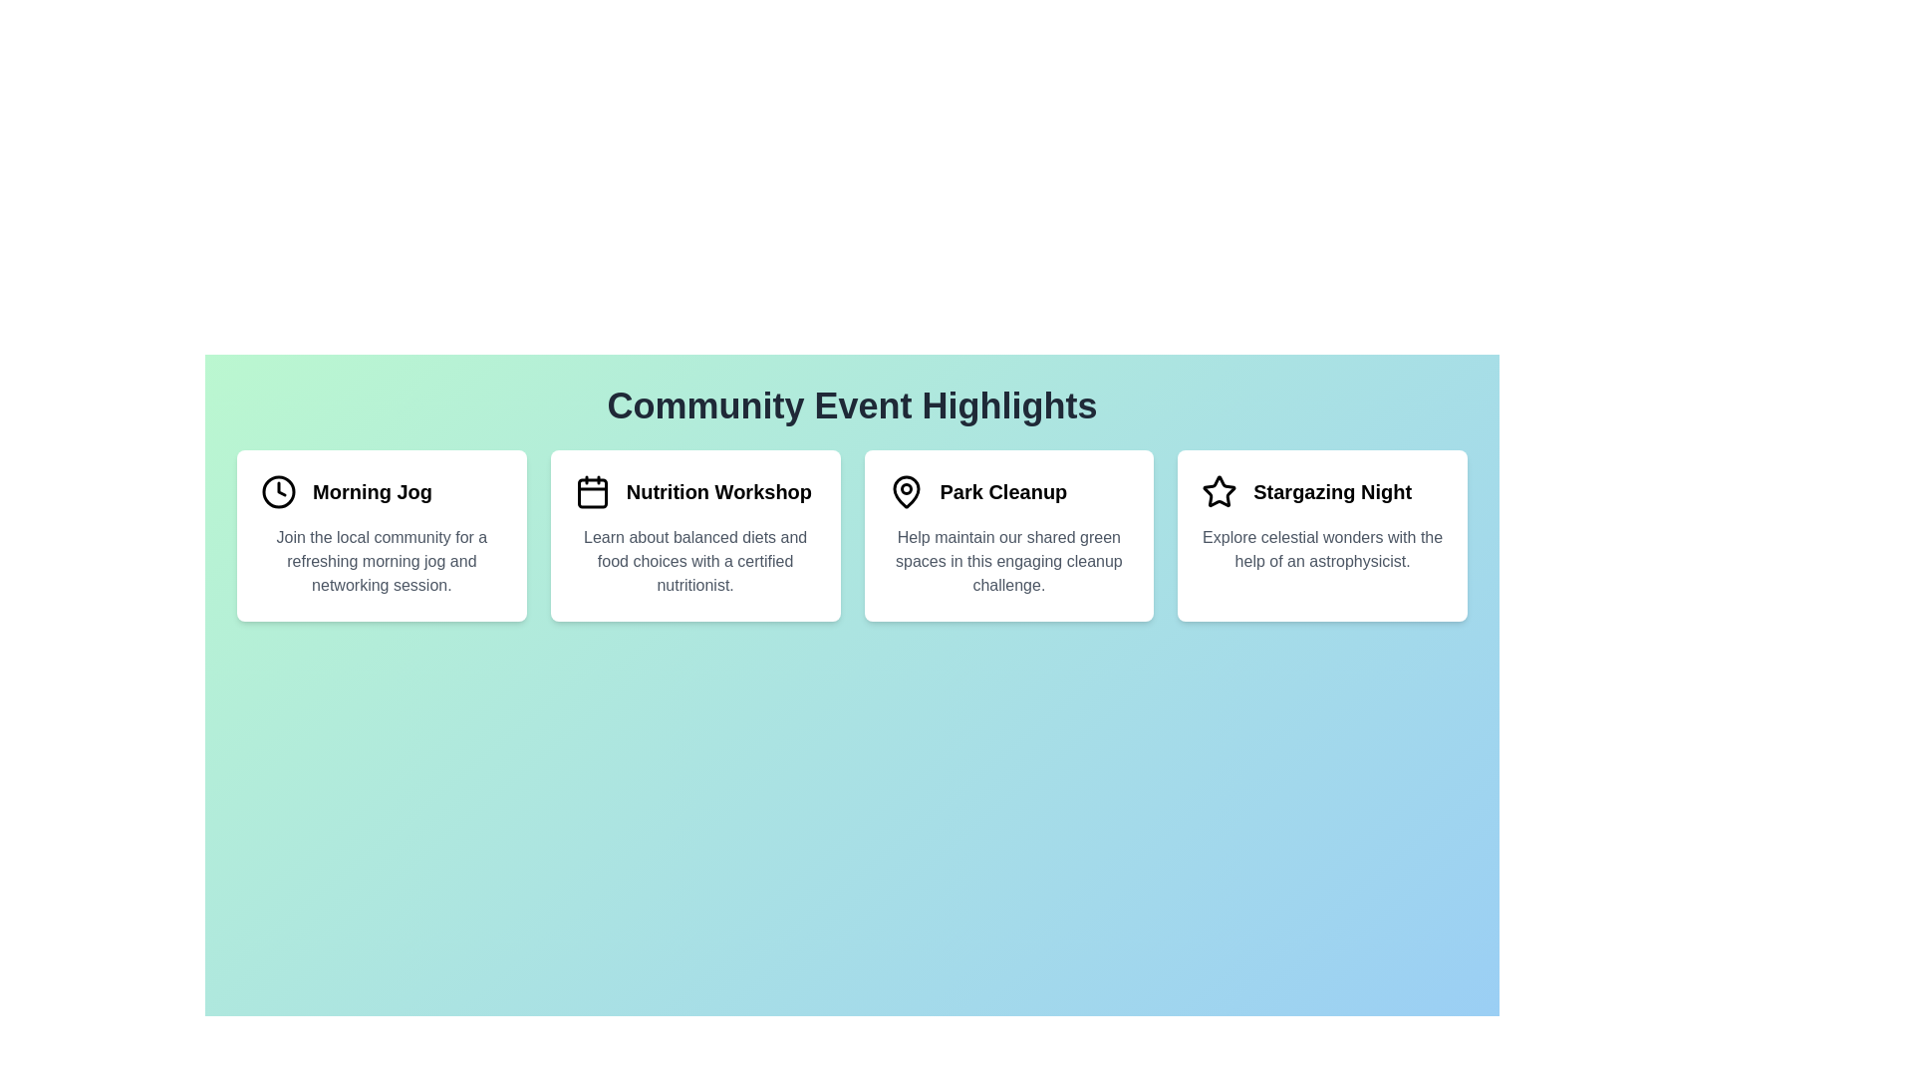 Image resolution: width=1913 pixels, height=1076 pixels. What do you see at coordinates (905, 491) in the screenshot?
I see `the map pin icon located on the left side of the 'Park Cleanup' event card, which features a classic pin outline and a smaller circle in the center` at bounding box center [905, 491].